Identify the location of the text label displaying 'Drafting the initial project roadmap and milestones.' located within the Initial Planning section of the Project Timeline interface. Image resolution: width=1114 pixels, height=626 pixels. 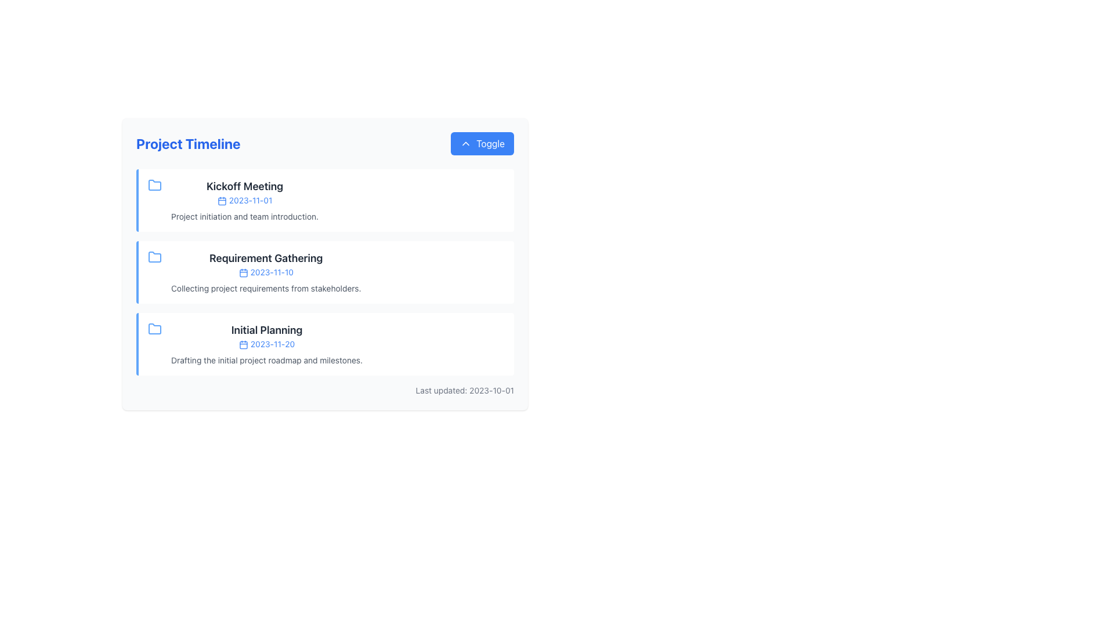
(266, 359).